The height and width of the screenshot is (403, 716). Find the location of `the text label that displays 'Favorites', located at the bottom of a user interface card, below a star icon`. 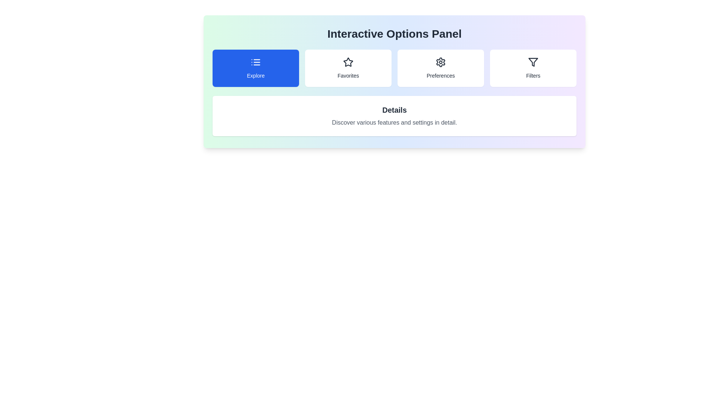

the text label that displays 'Favorites', located at the bottom of a user interface card, below a star icon is located at coordinates (348, 76).